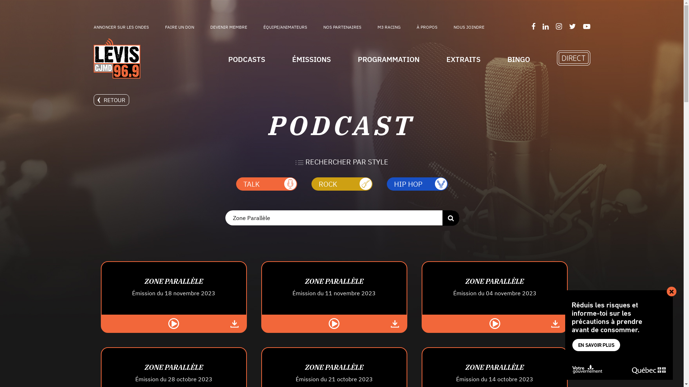  What do you see at coordinates (417, 183) in the screenshot?
I see `'HIP HOP'` at bounding box center [417, 183].